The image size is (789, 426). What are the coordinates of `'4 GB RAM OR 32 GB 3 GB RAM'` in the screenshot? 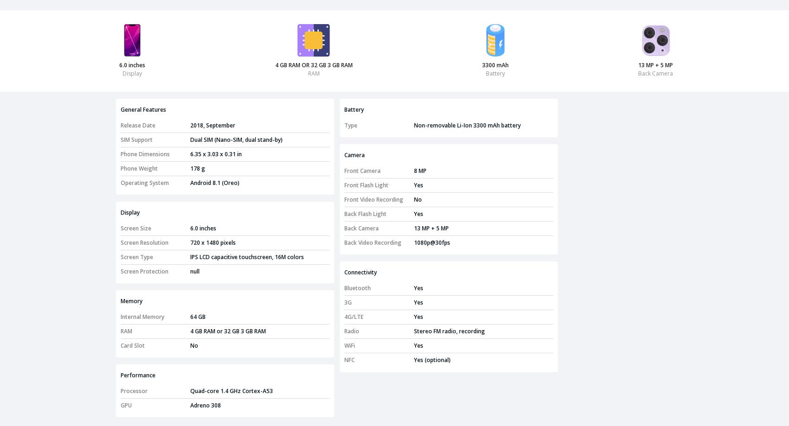 It's located at (313, 64).